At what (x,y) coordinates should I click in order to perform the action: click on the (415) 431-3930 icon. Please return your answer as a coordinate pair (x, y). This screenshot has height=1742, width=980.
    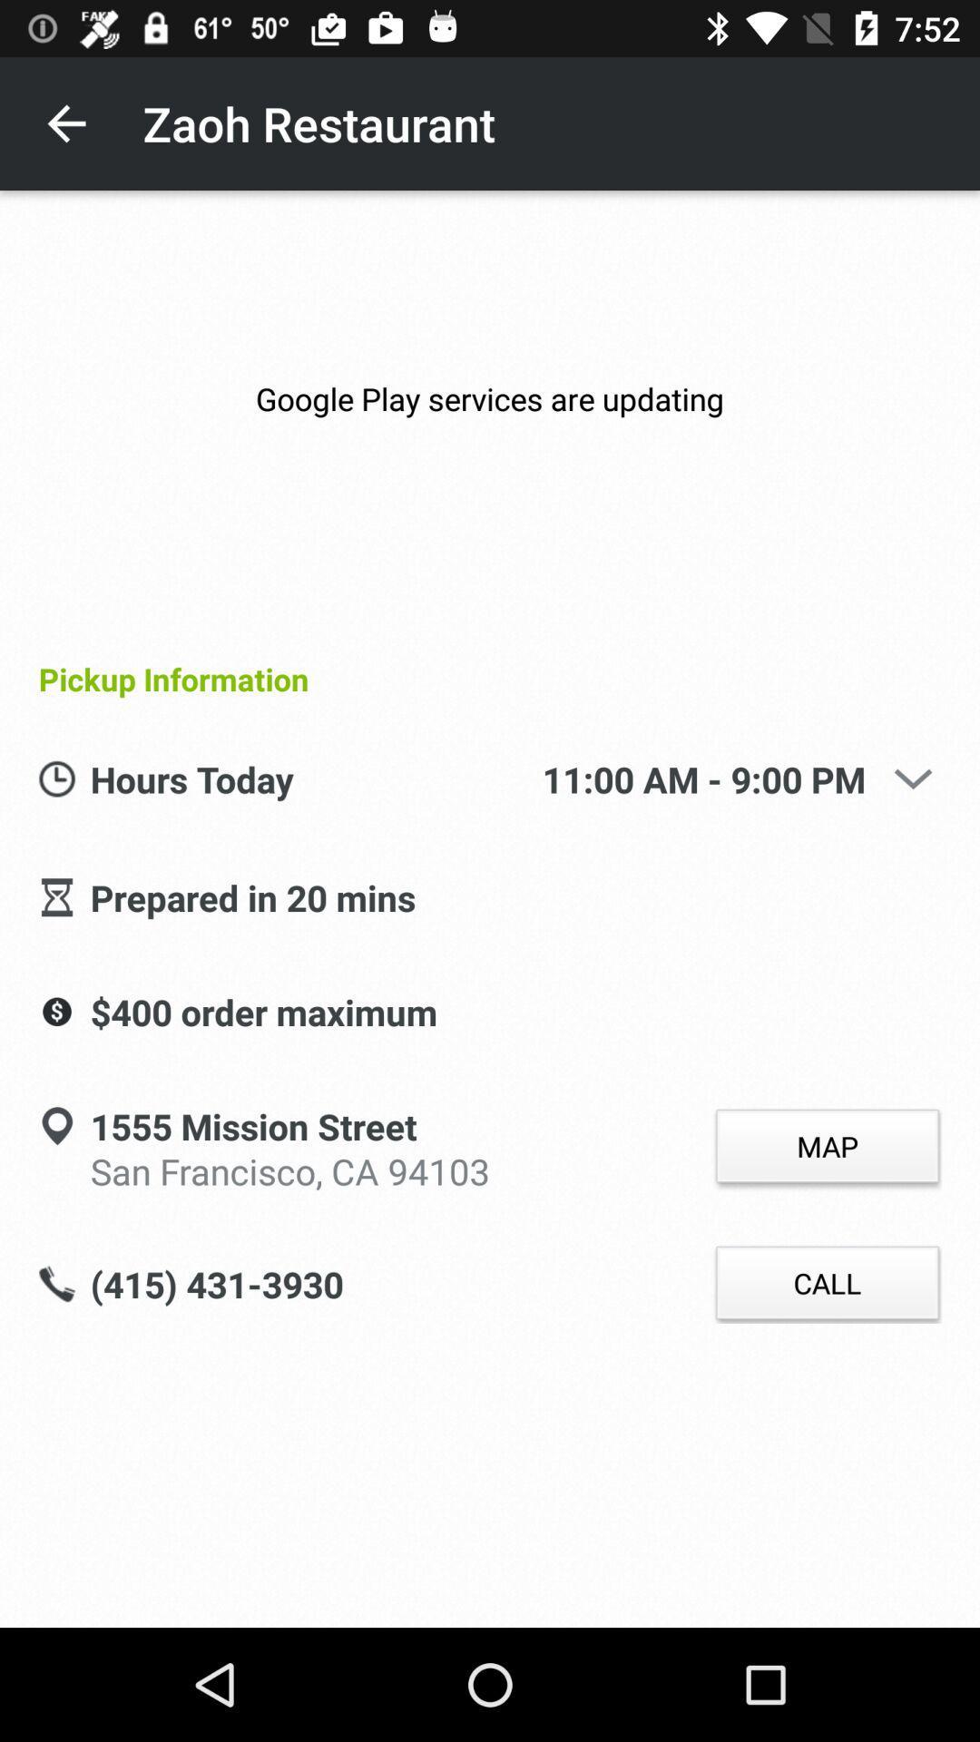
    Looking at the image, I should click on (216, 1285).